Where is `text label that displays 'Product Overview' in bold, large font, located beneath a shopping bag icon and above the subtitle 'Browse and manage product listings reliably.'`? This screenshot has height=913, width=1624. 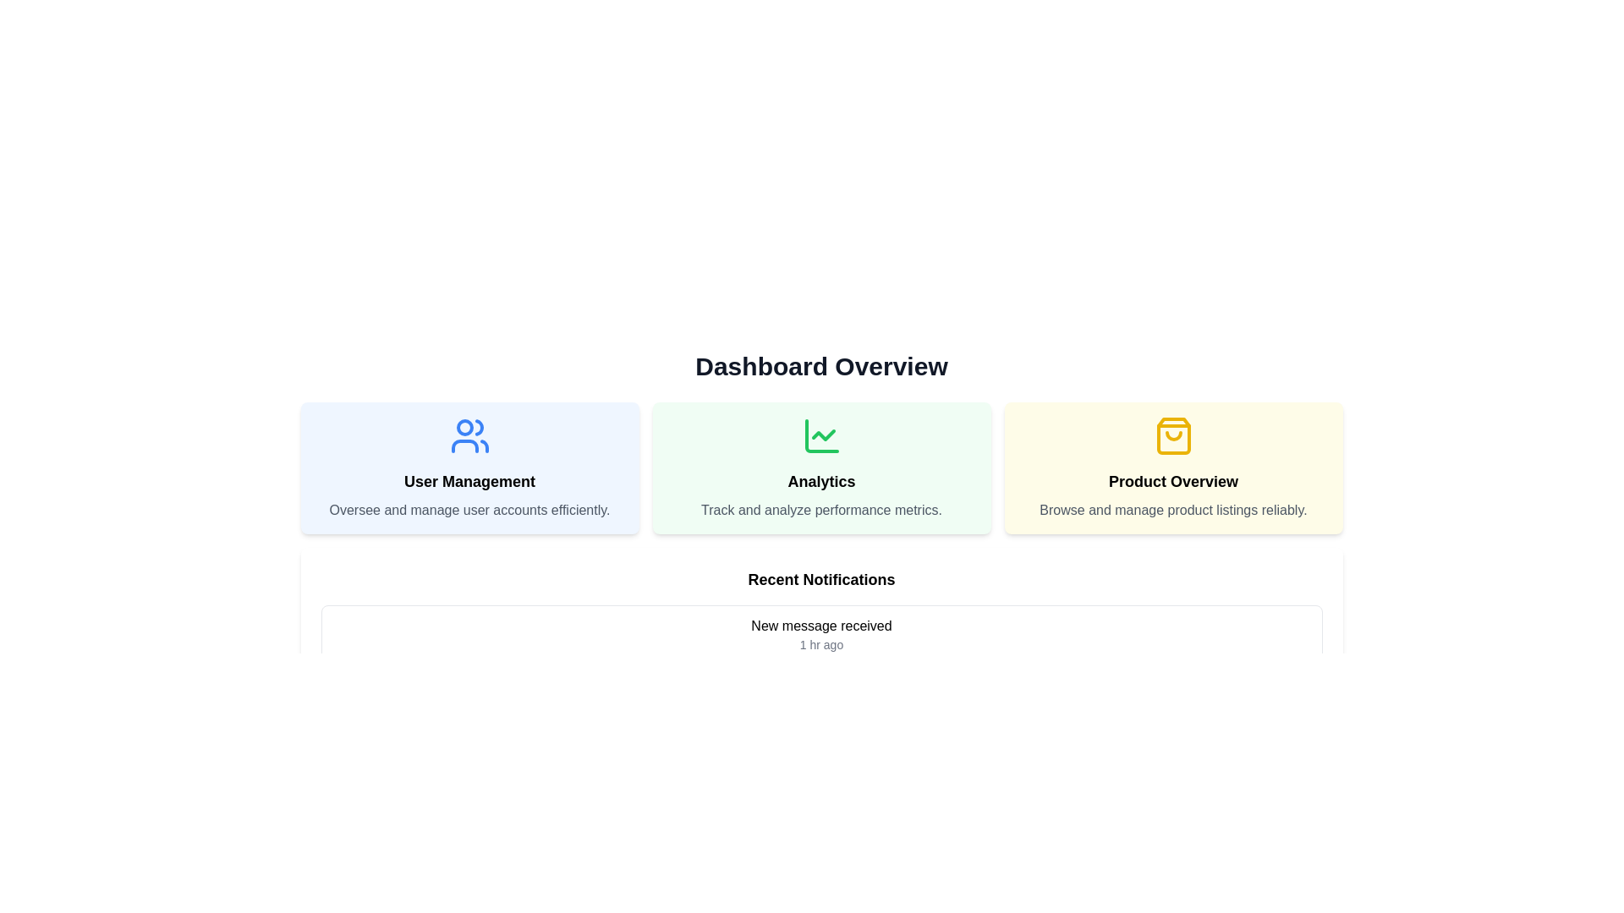 text label that displays 'Product Overview' in bold, large font, located beneath a shopping bag icon and above the subtitle 'Browse and manage product listings reliably.' is located at coordinates (1172, 482).